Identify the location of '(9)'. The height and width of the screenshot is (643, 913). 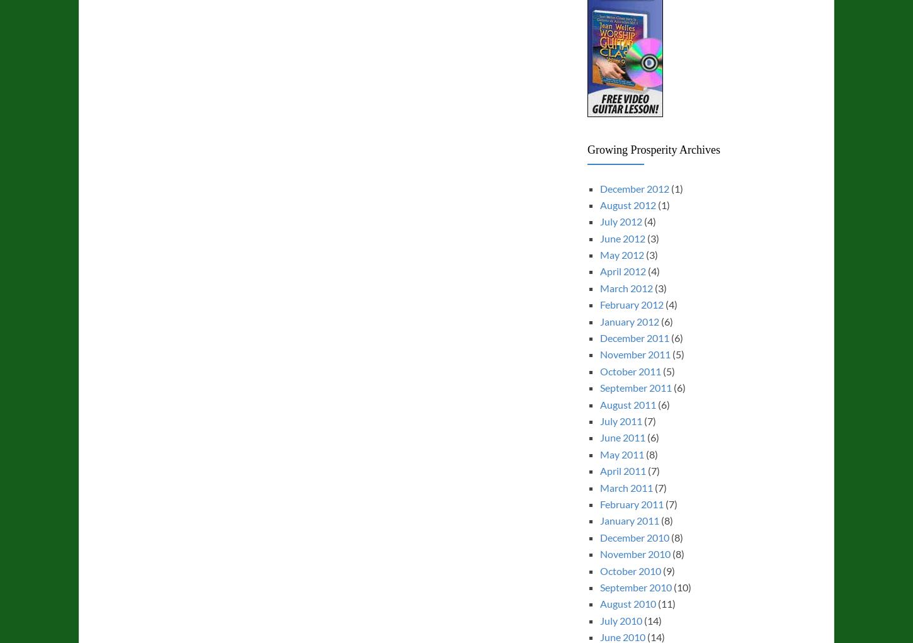
(667, 570).